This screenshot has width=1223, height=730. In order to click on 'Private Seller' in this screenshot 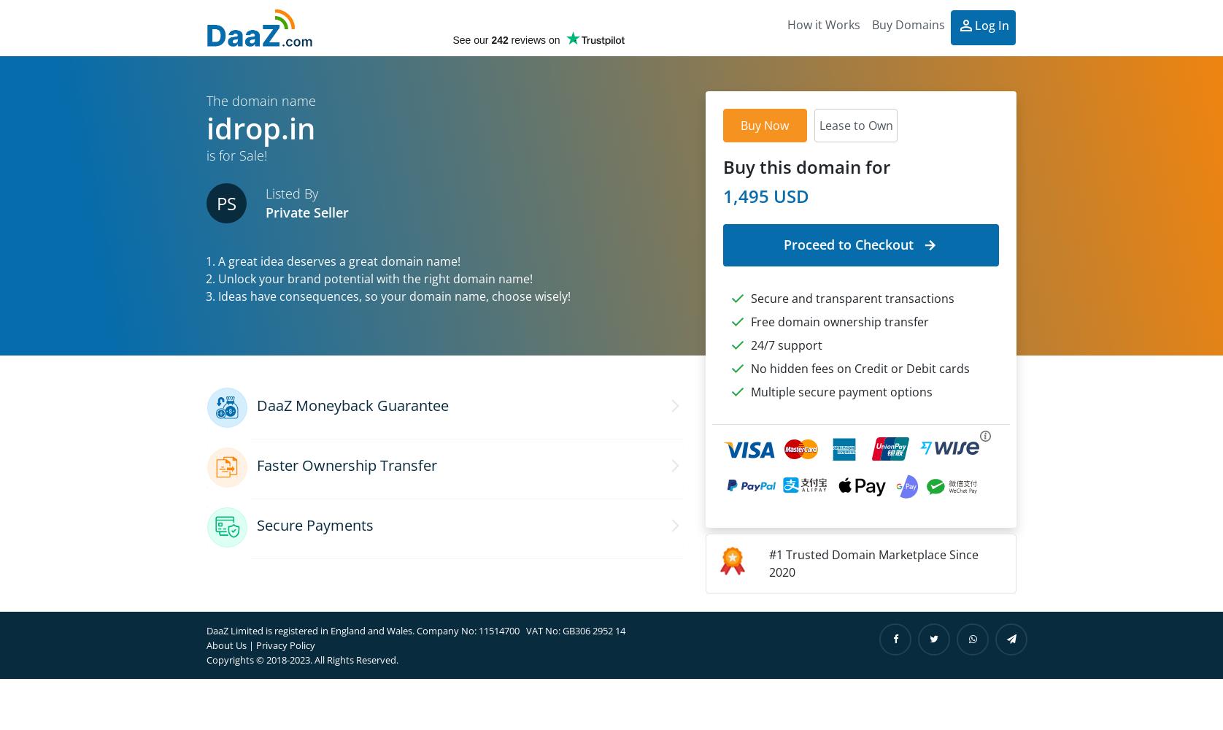, I will do `click(307, 212)`.